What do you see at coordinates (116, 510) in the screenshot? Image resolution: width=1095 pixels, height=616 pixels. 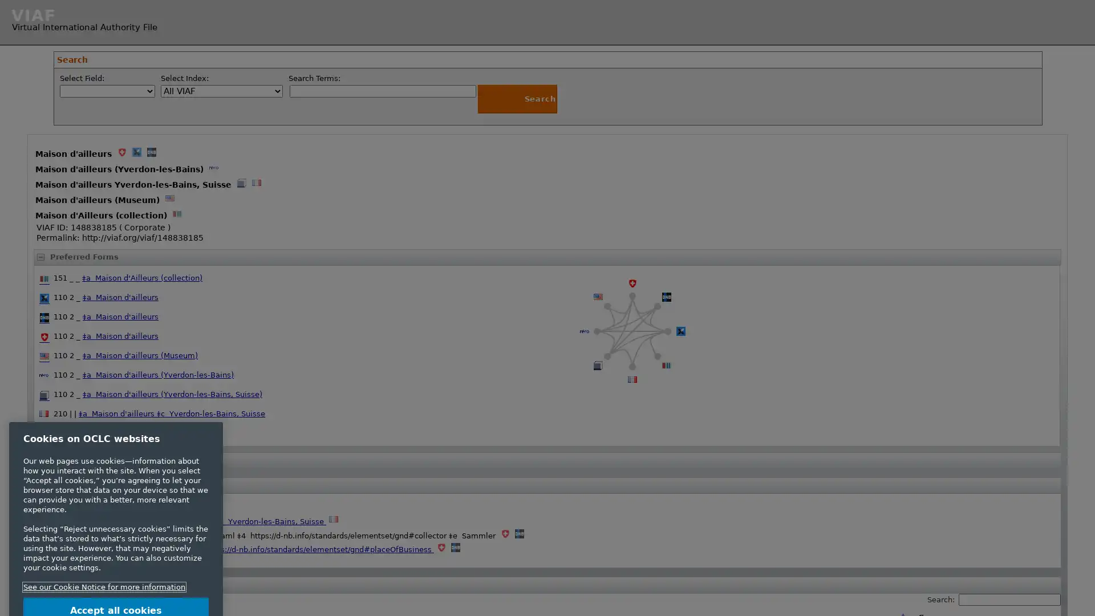 I see `Accept all cookies` at bounding box center [116, 510].